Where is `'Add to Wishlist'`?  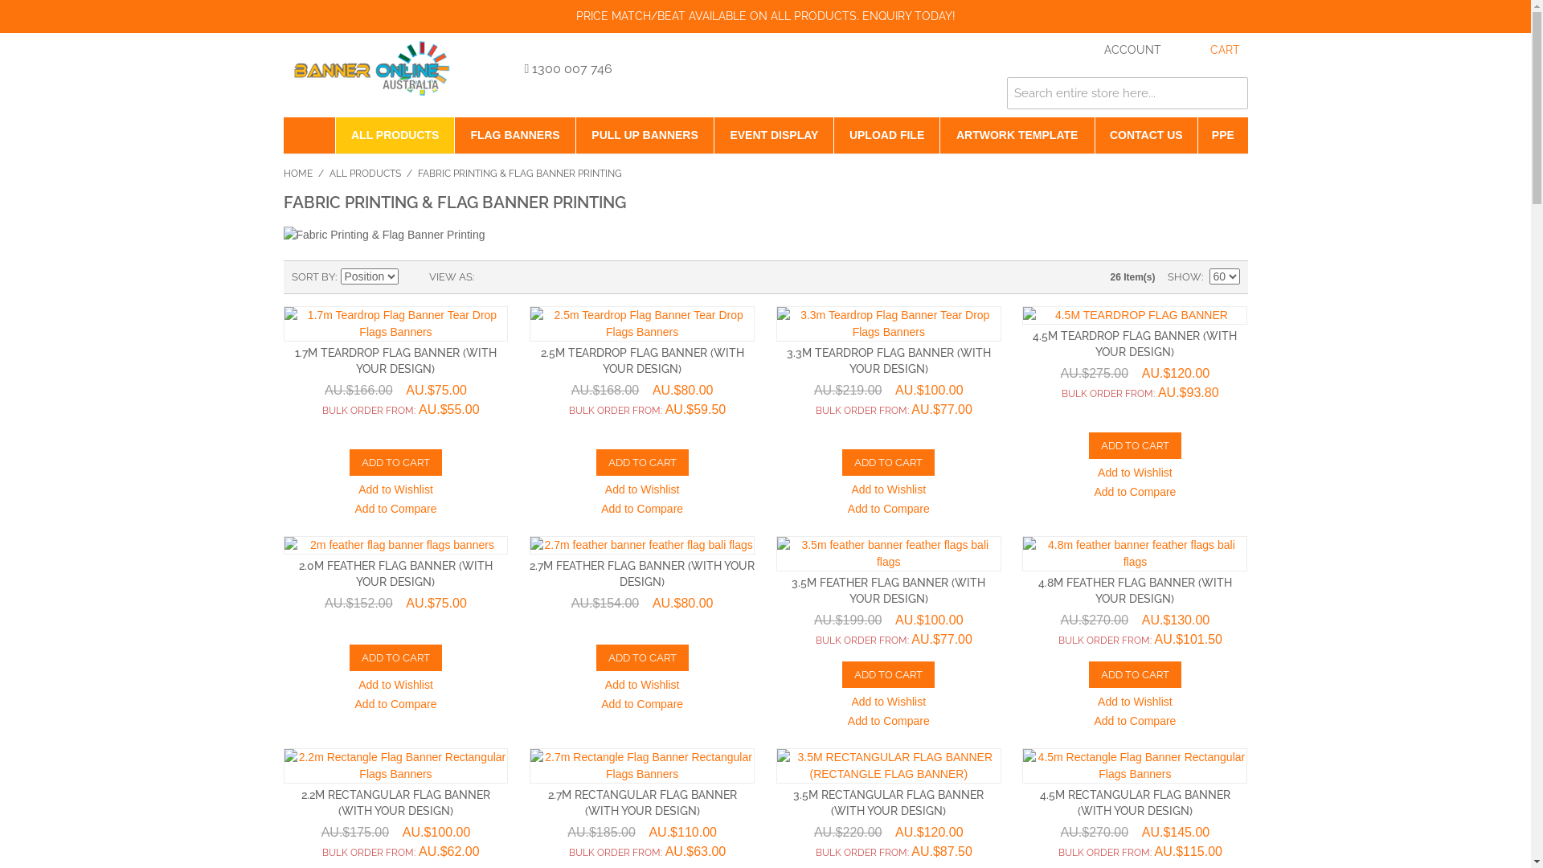 'Add to Wishlist' is located at coordinates (395, 489).